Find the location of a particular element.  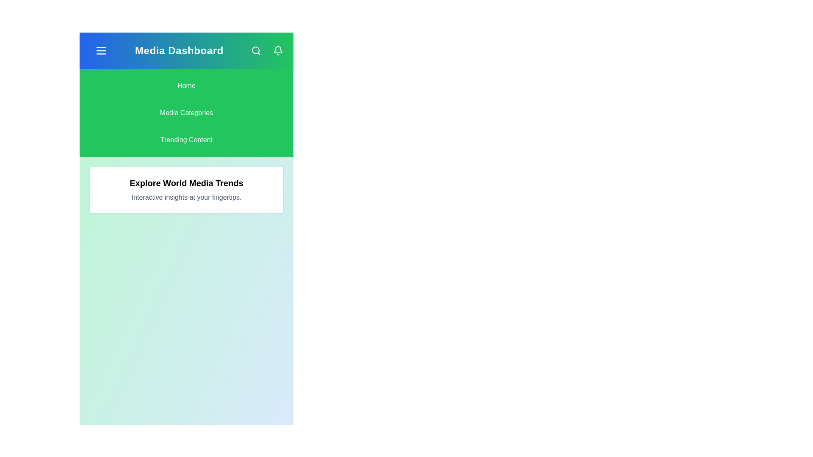

the navigation menu option Trending Content is located at coordinates (186, 140).